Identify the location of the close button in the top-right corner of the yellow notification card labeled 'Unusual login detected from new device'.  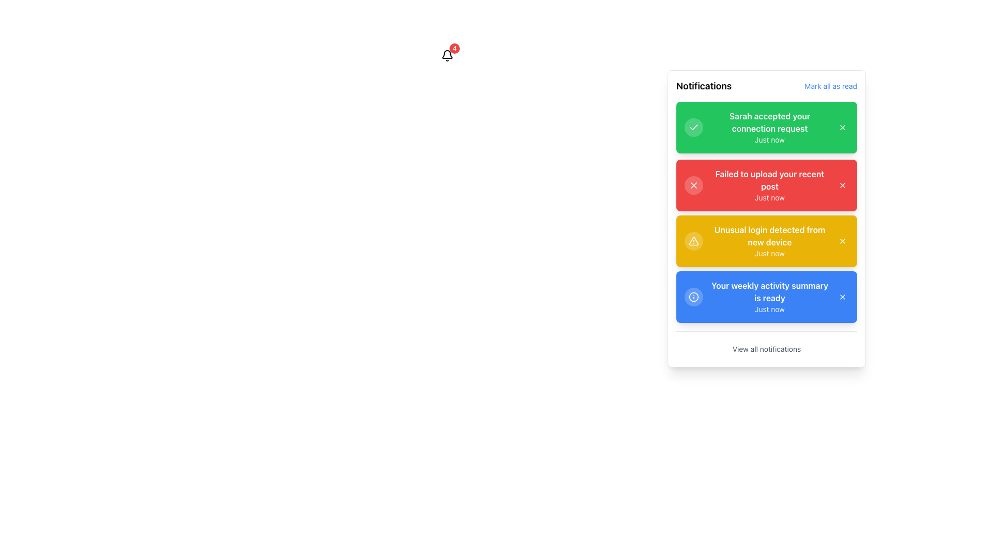
(843, 241).